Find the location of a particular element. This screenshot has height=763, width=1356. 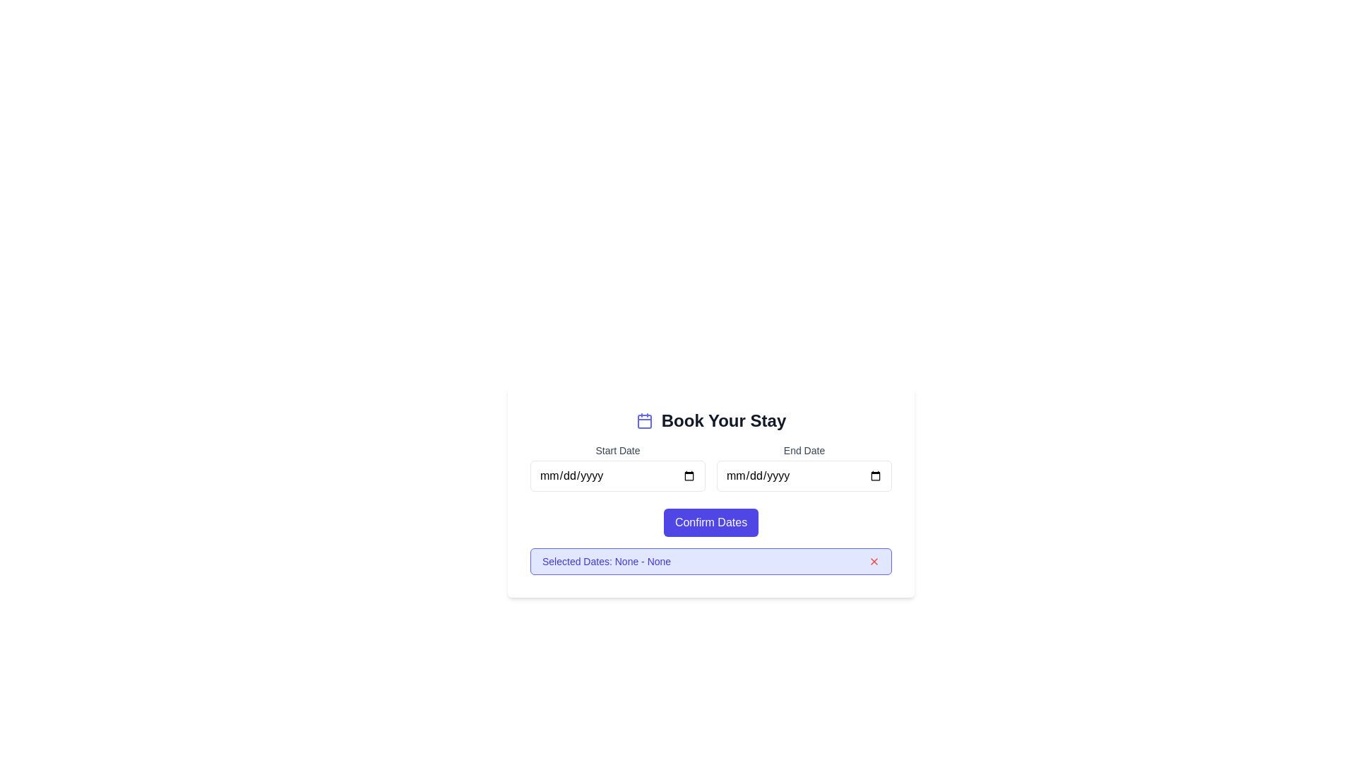

the small indigo calendar icon located on the left side within the heading frame, next to the text 'Book Your Stay.' is located at coordinates (643, 420).